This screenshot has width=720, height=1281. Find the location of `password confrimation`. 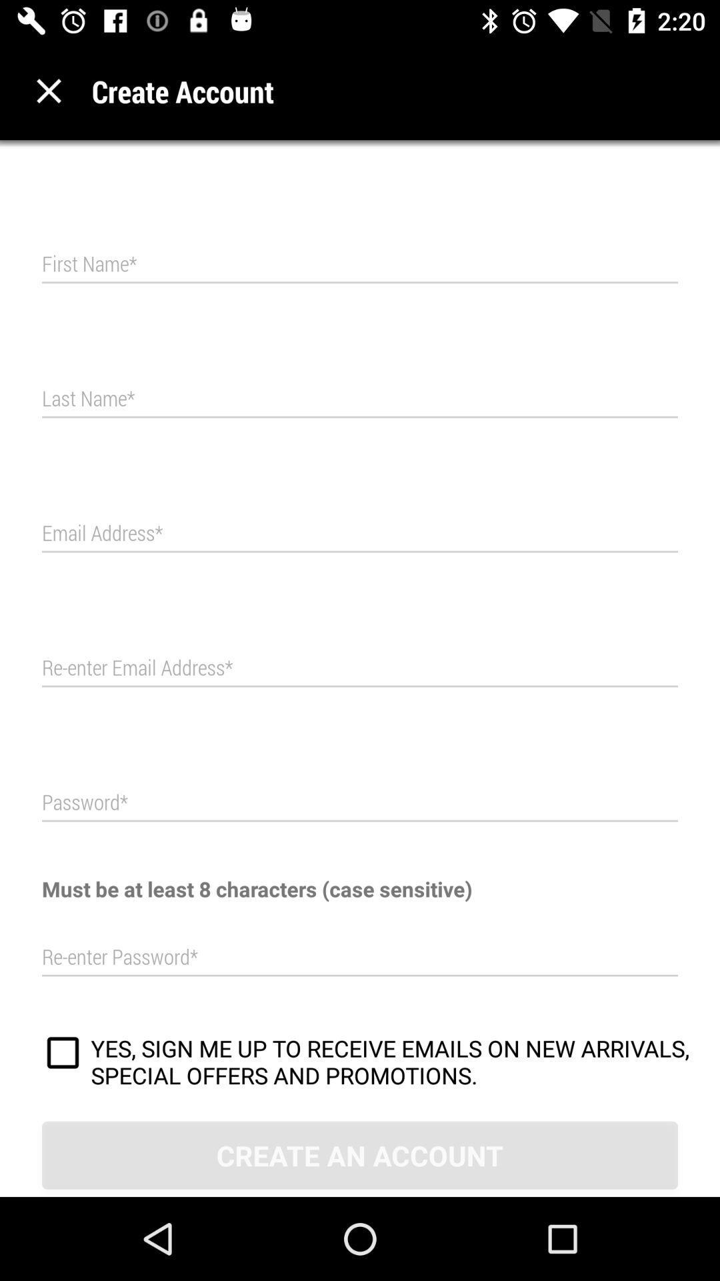

password confrimation is located at coordinates (360, 957).